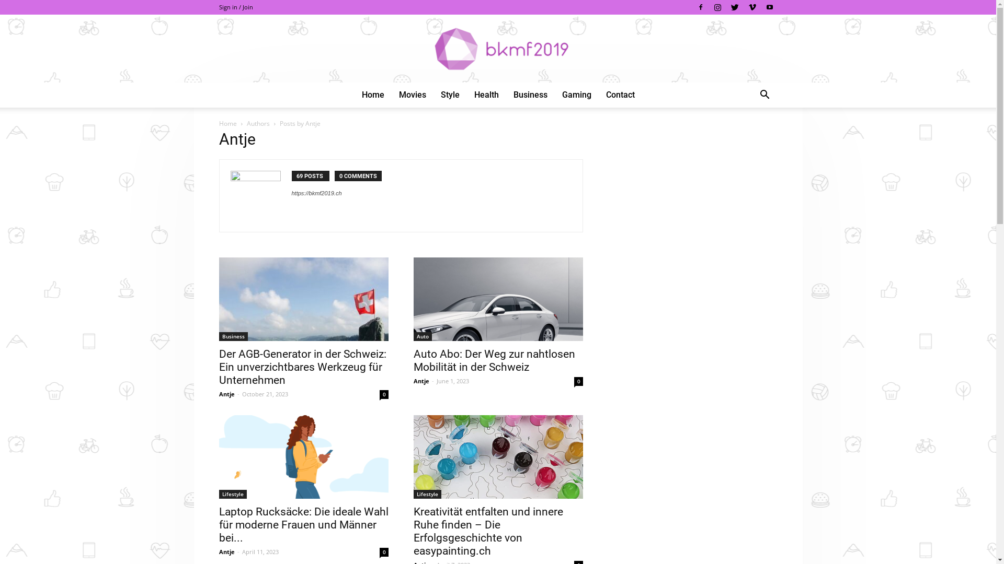  What do you see at coordinates (752, 7) in the screenshot?
I see `'Vimeo'` at bounding box center [752, 7].